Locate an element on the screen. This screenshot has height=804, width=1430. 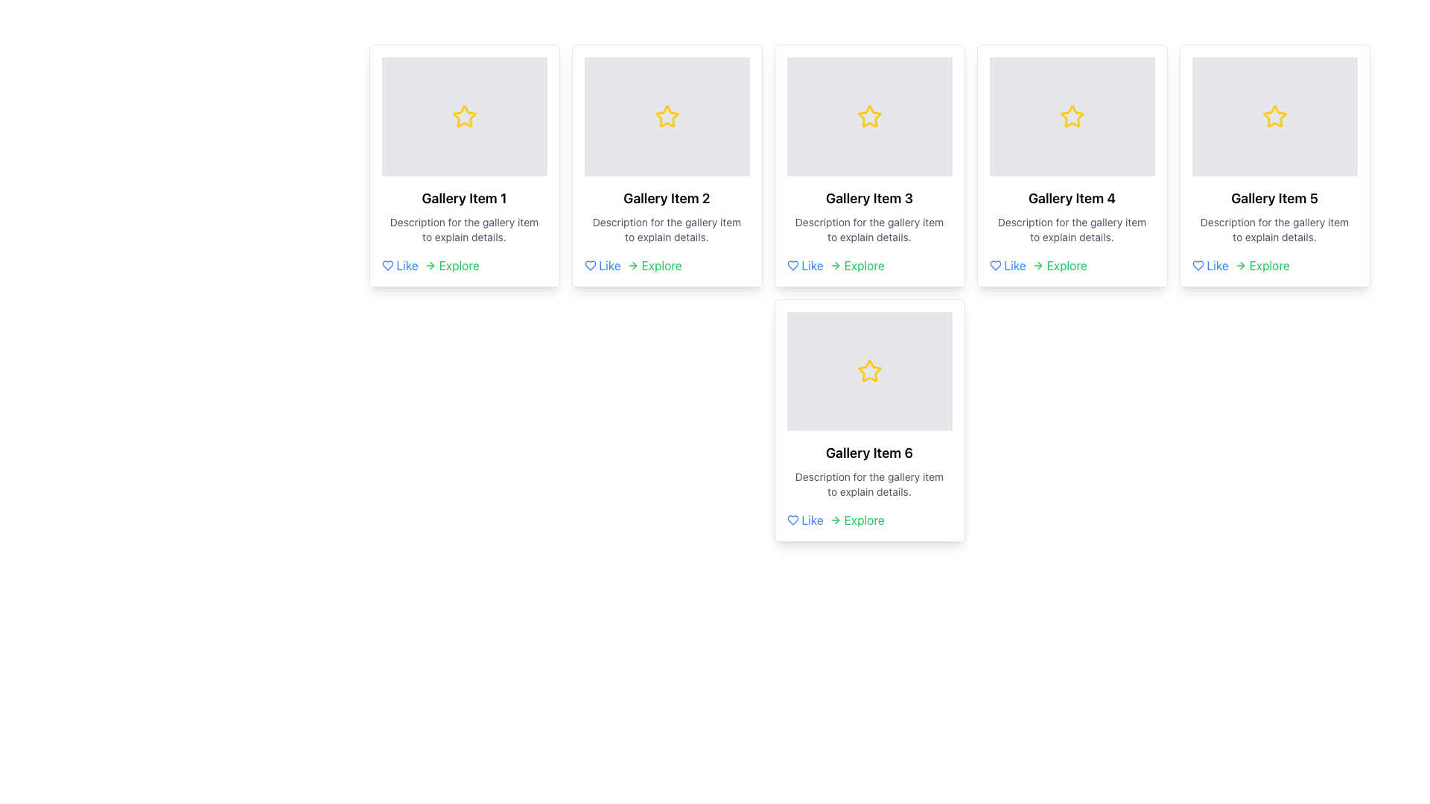
the hyperlink with an icon located in the lower section of the 'Gallery Item 4' card, positioned just below the descriptive text and to the right of the 'Like' link is located at coordinates (1058, 265).